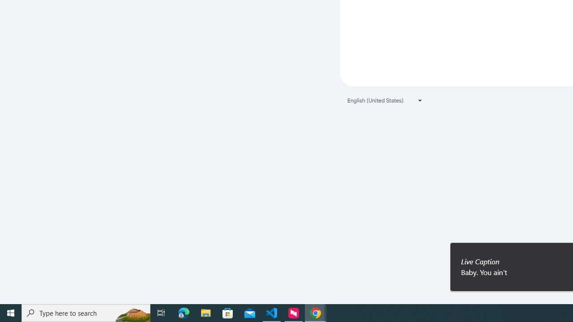 The width and height of the screenshot is (573, 322). Describe the element at coordinates (385, 100) in the screenshot. I see `'English (United States)'` at that location.